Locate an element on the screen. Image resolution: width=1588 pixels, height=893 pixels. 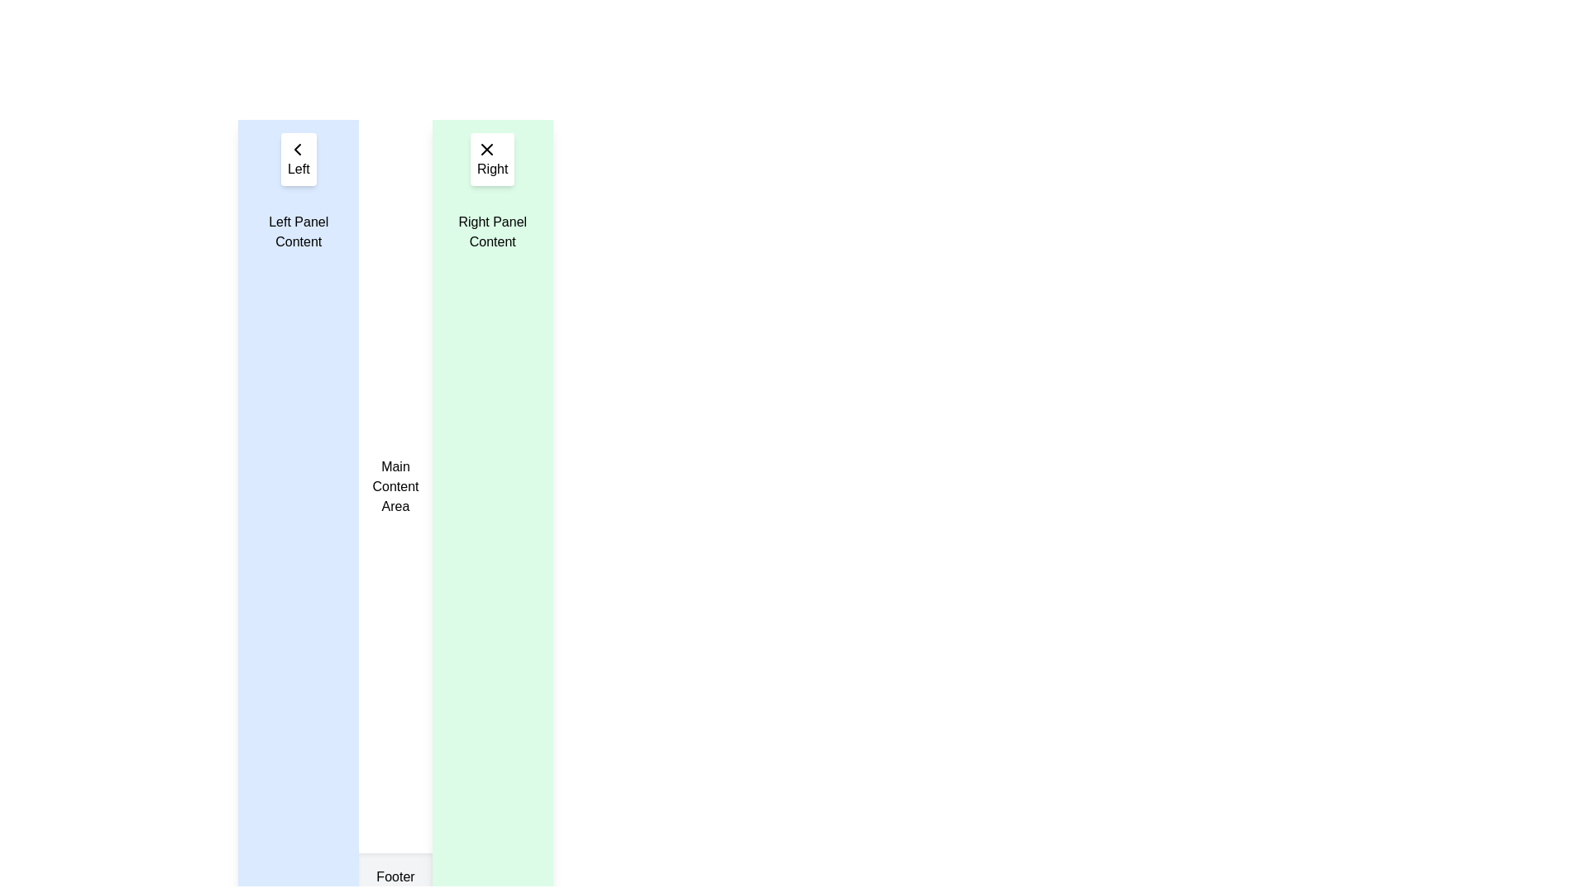
the button with a white background and rounded corners that contains an 'X' icon above the text 'Right', located in the top section of the green right panel is located at coordinates (491, 159).